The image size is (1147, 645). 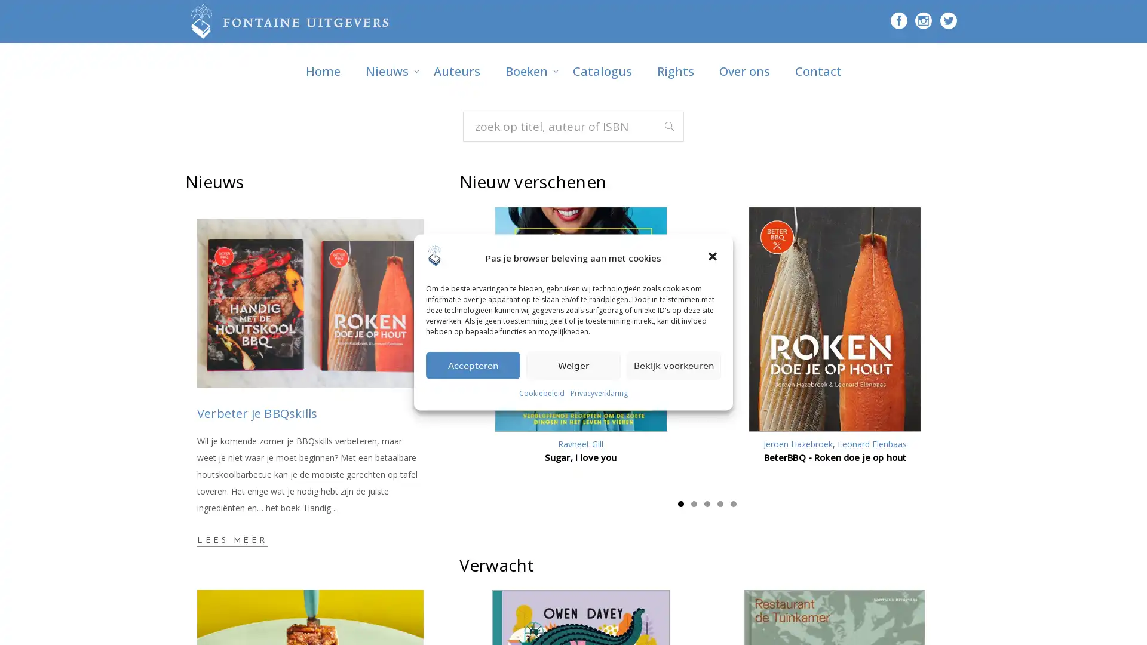 What do you see at coordinates (573, 364) in the screenshot?
I see `Weiger` at bounding box center [573, 364].